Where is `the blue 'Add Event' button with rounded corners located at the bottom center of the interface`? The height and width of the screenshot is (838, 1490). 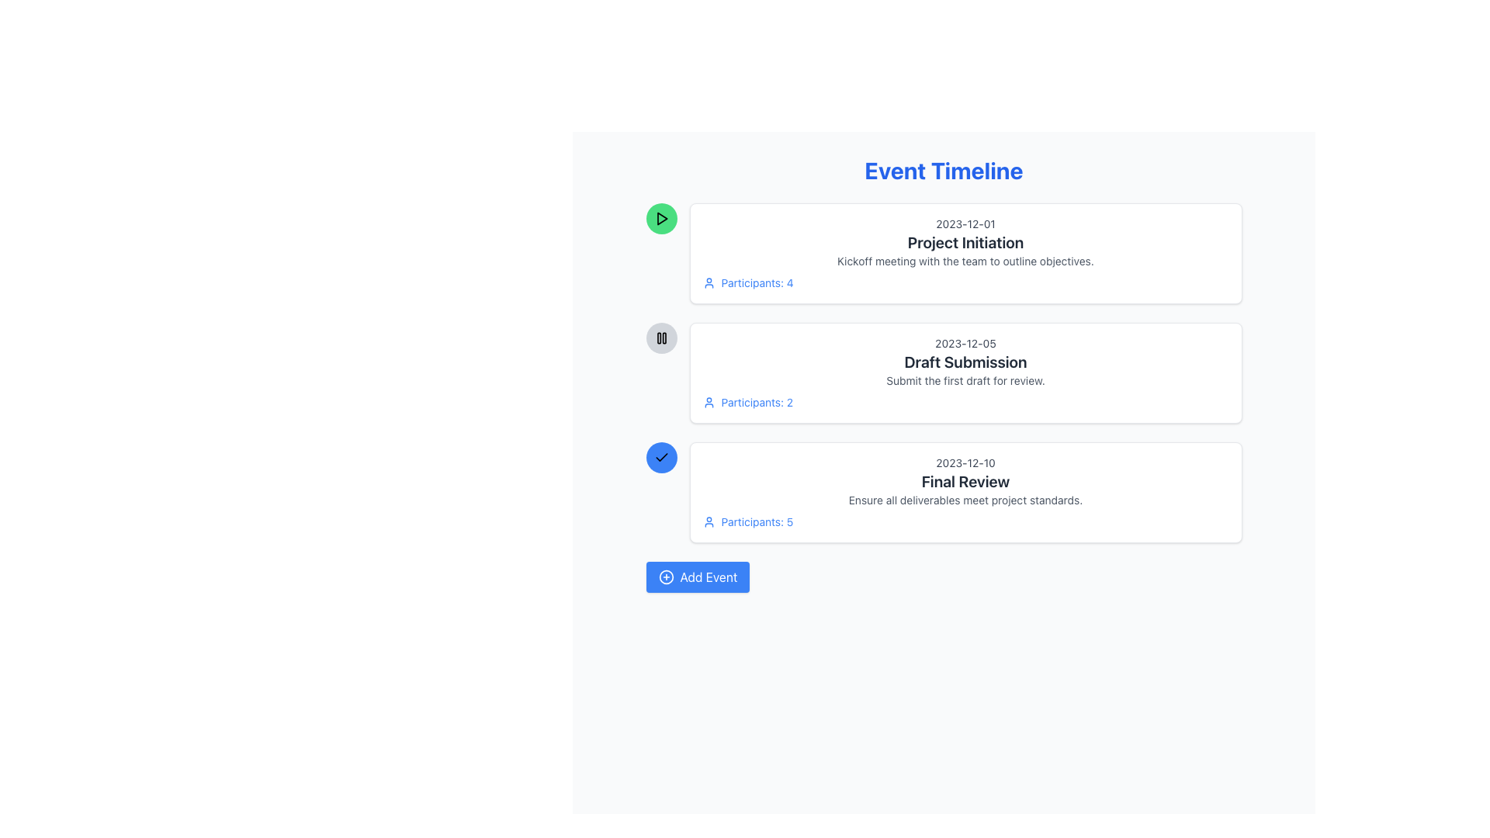
the blue 'Add Event' button with rounded corners located at the bottom center of the interface is located at coordinates (697, 577).